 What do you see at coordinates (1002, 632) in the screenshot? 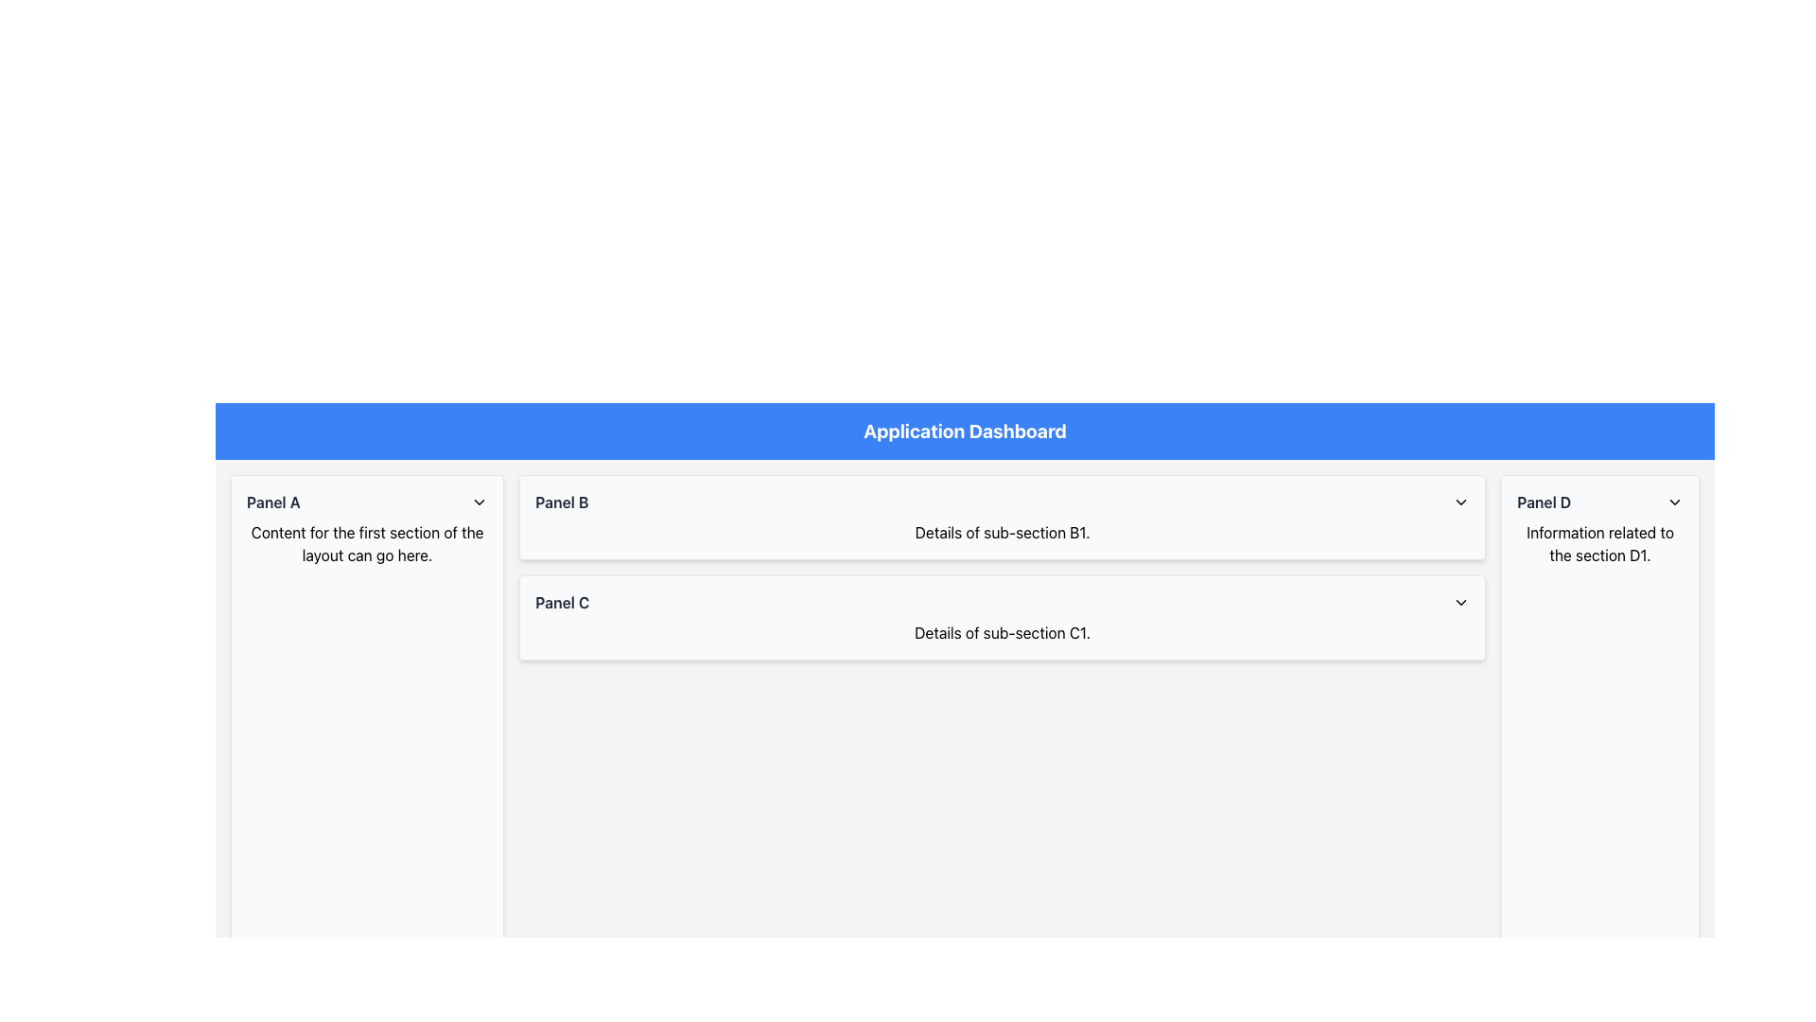
I see `text label that displays 'Details of sub-section C1.' which is positioned below the 'Panel C' heading` at bounding box center [1002, 632].